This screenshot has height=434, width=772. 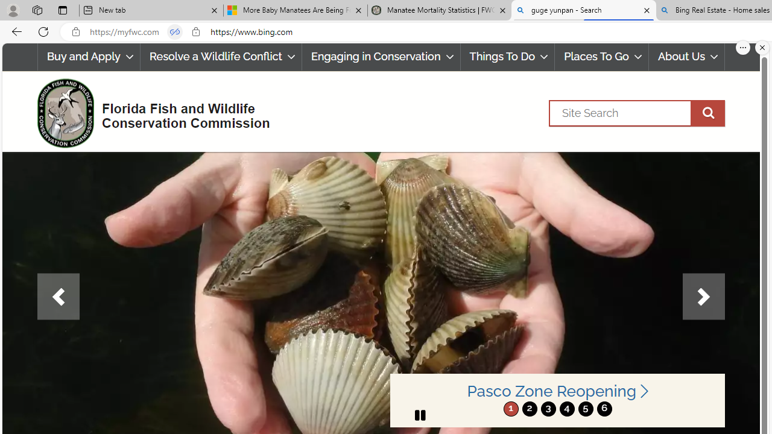 I want to click on 'Things To Do', so click(x=507, y=57).